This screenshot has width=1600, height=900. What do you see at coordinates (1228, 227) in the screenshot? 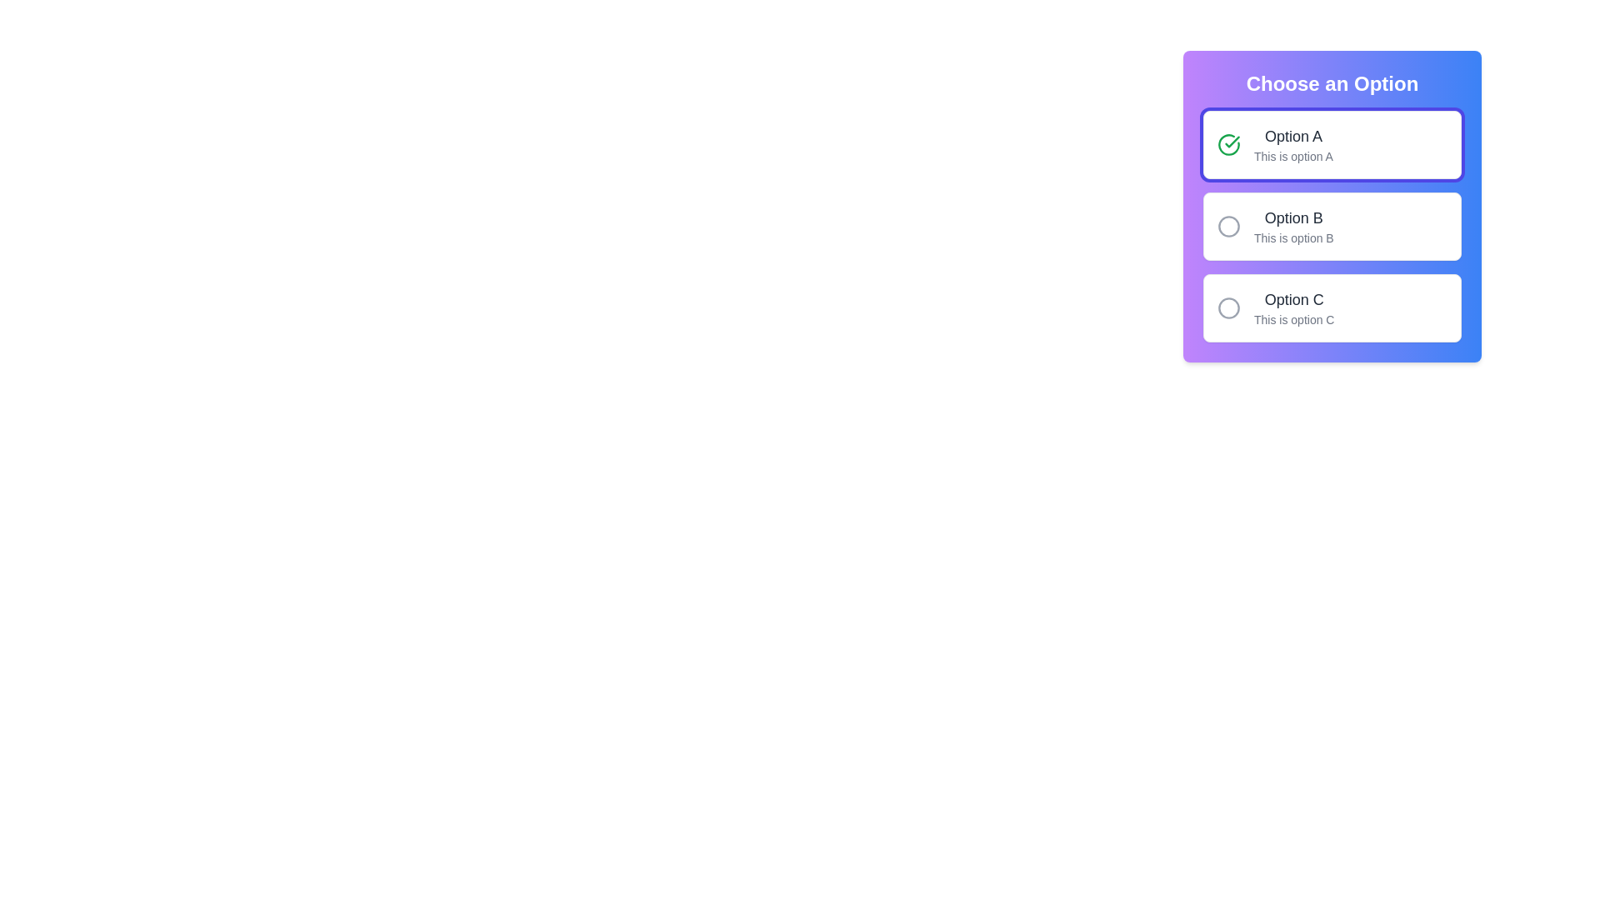
I see `the inactive radio button indicator for 'Option B', which is a gray circular outline positioned to the left of the 'Option B' label` at bounding box center [1228, 227].